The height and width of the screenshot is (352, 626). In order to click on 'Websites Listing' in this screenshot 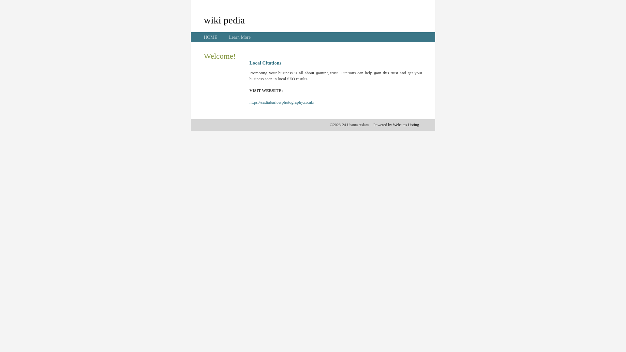, I will do `click(405, 125)`.